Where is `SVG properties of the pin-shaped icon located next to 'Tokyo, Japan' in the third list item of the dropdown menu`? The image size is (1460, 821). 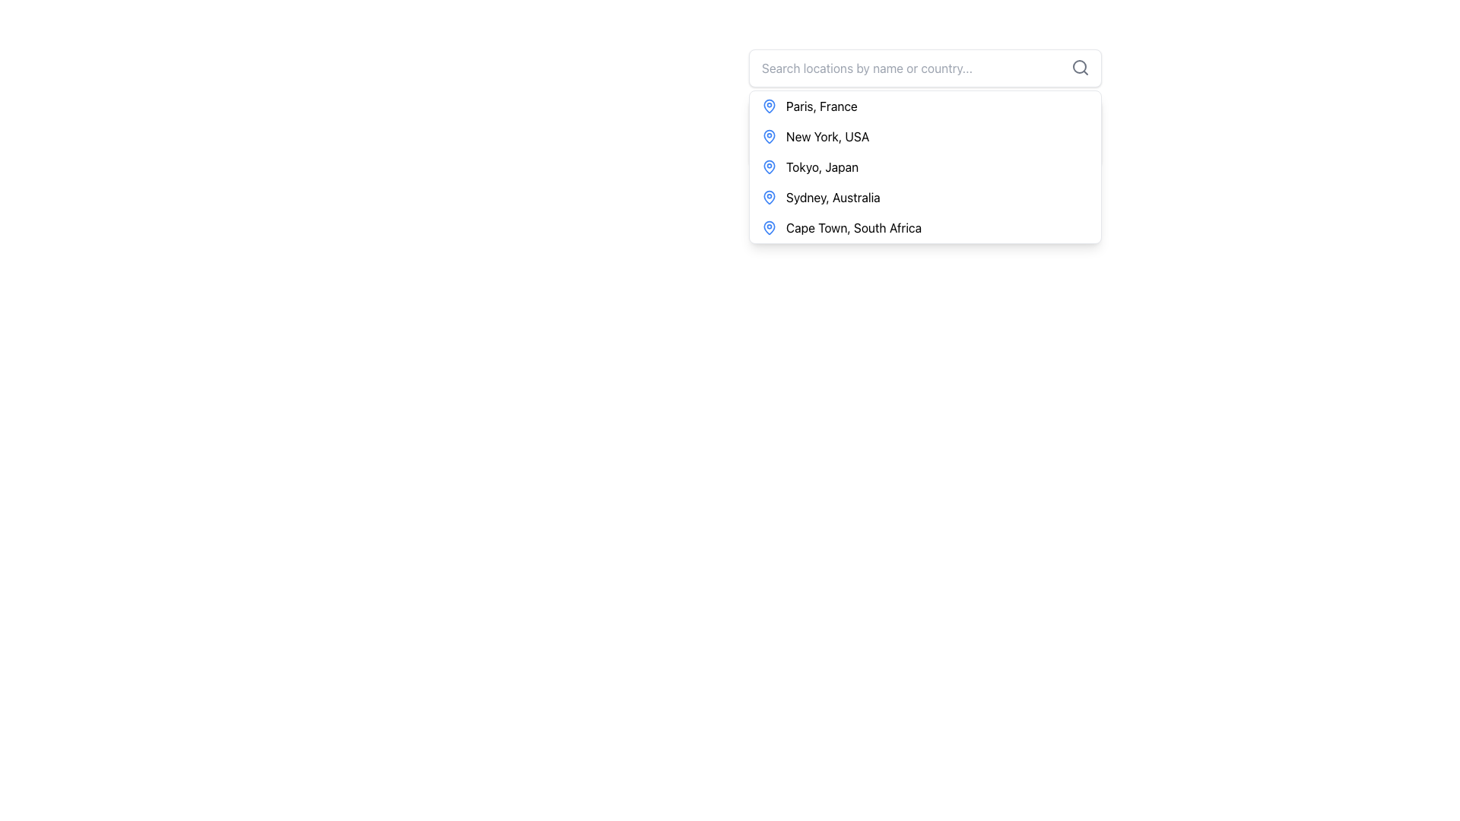 SVG properties of the pin-shaped icon located next to 'Tokyo, Japan' in the third list item of the dropdown menu is located at coordinates (770, 166).